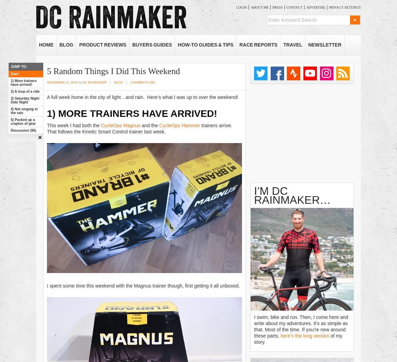 This screenshot has width=397, height=362. I want to click on 'I swim, bike and run. Then, I come here and write about my adventures.  It’s as simple as that. Most of the time. If you’re new around these parts,', so click(301, 326).